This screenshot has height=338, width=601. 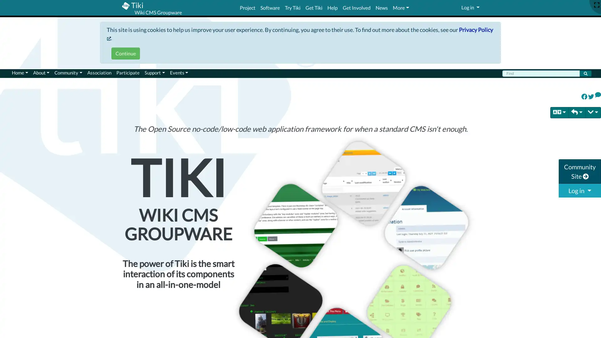 What do you see at coordinates (125, 53) in the screenshot?
I see `Continue` at bounding box center [125, 53].